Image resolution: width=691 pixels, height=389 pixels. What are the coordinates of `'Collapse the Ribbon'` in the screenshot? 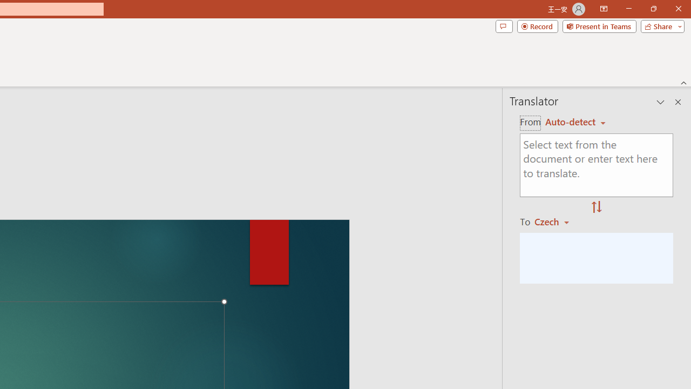 It's located at (683, 82).